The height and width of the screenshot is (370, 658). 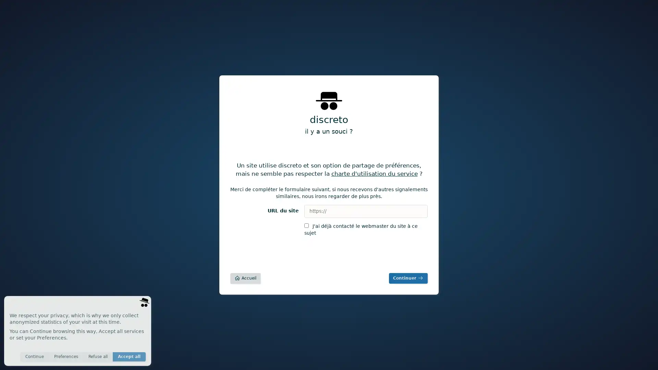 What do you see at coordinates (34, 356) in the screenshot?
I see `Continue` at bounding box center [34, 356].